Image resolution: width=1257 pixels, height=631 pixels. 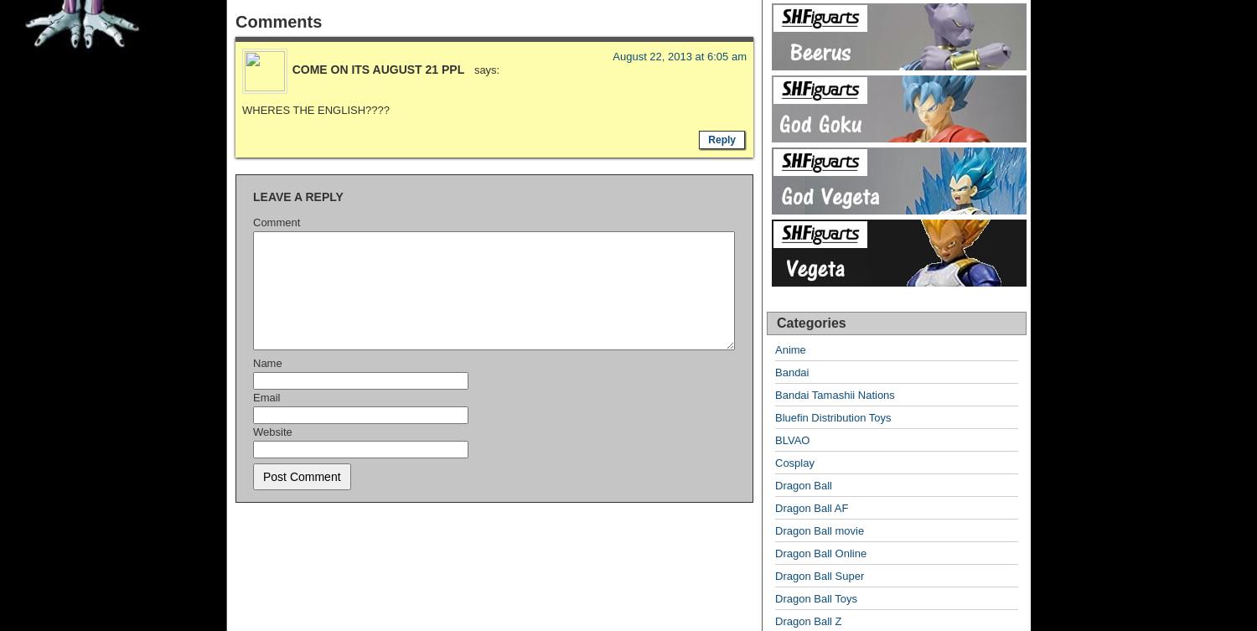 What do you see at coordinates (252, 396) in the screenshot?
I see `'Email'` at bounding box center [252, 396].